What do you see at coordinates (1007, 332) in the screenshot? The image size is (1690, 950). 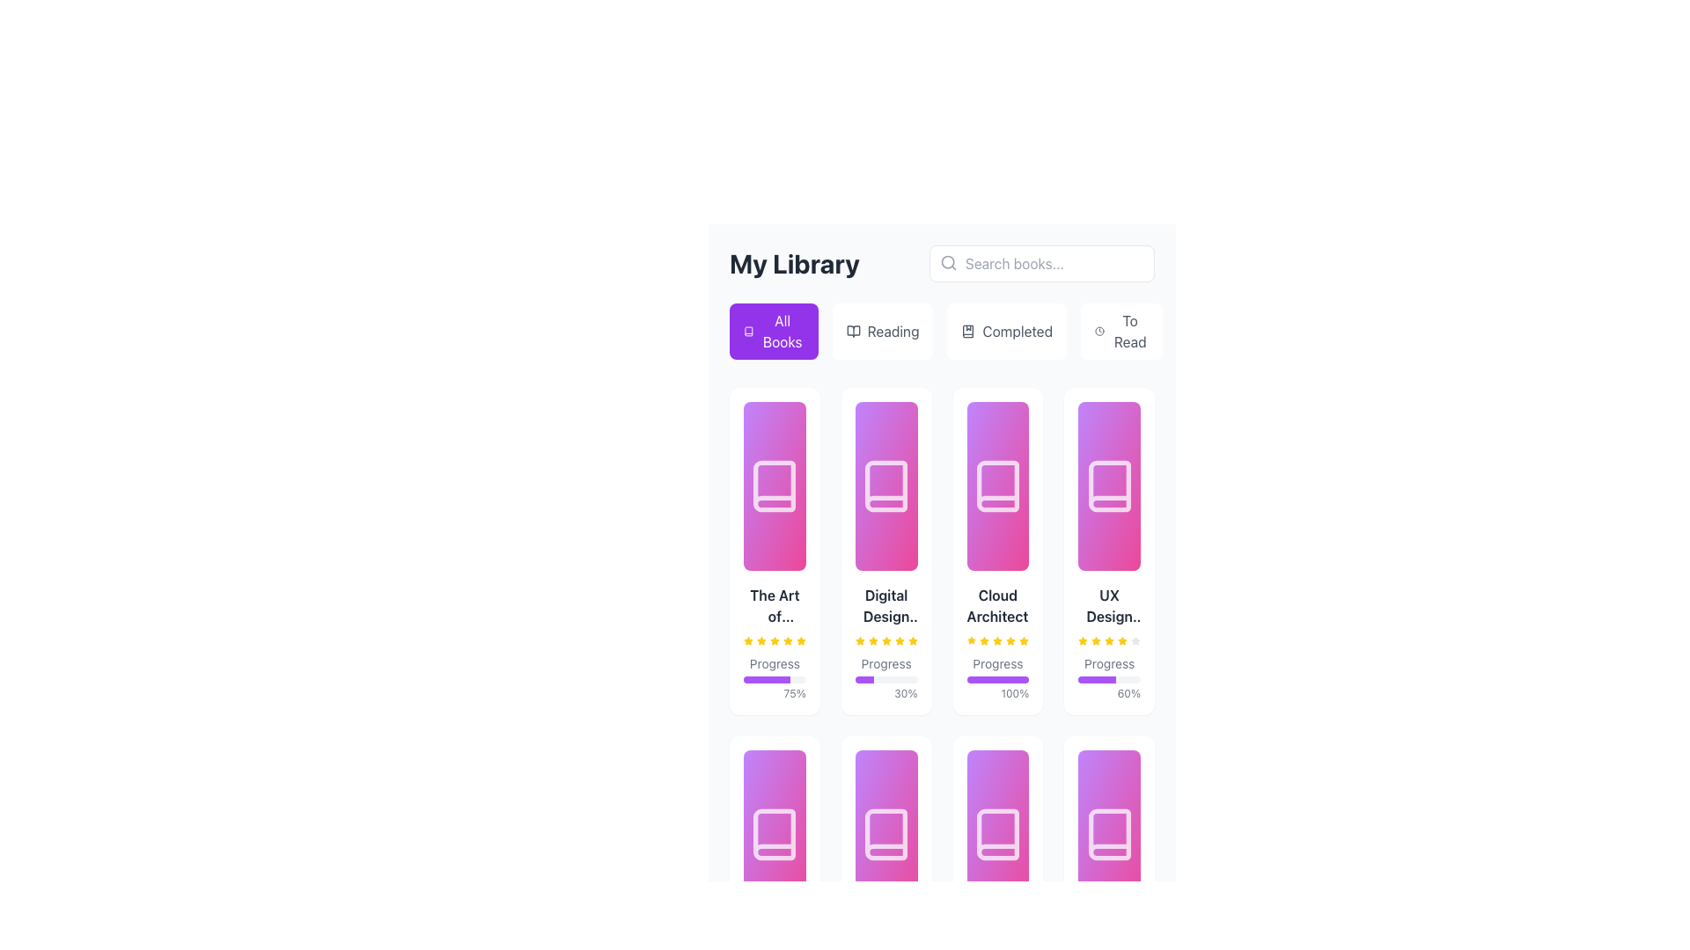 I see `the 'Completed' filter button located in the horizontal navigation group, which is positioned third from the left in the top section of the interface` at bounding box center [1007, 332].